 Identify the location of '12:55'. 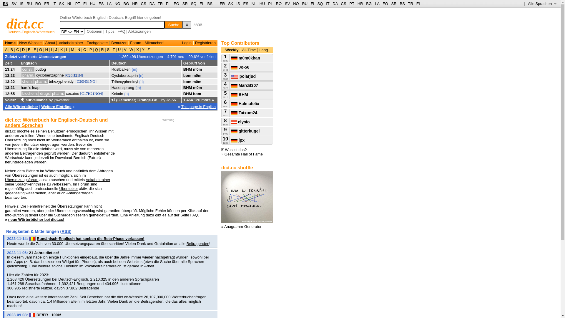
(10, 93).